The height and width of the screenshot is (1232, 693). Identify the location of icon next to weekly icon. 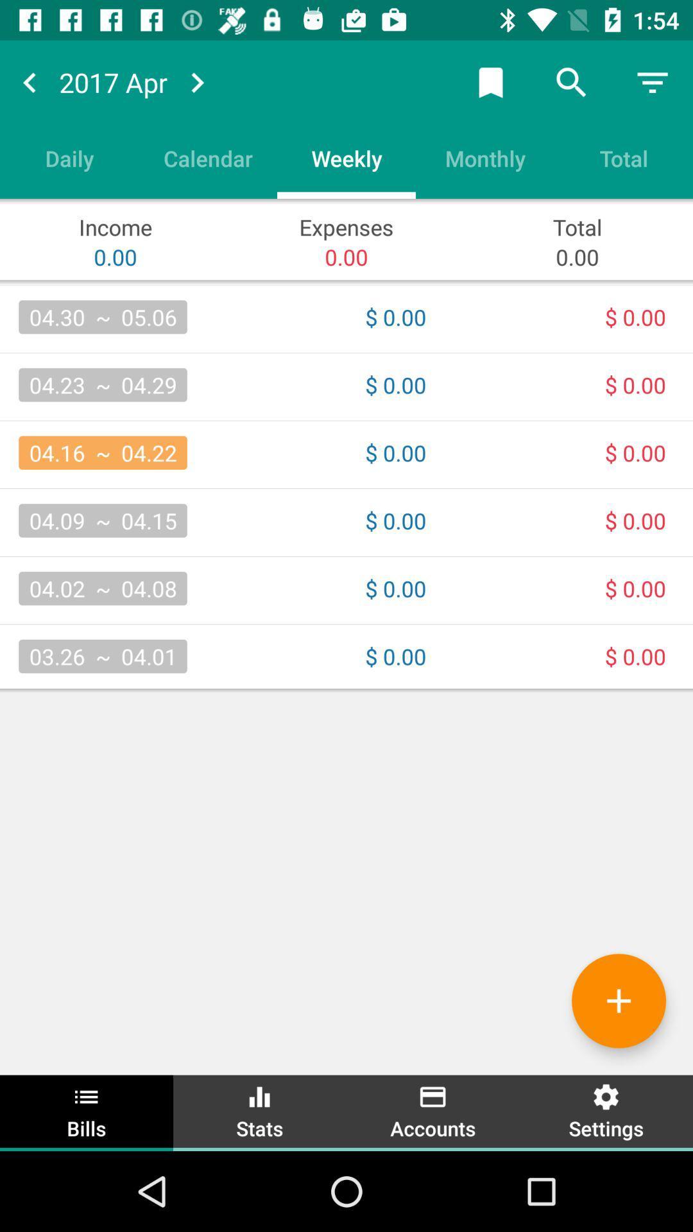
(485, 157).